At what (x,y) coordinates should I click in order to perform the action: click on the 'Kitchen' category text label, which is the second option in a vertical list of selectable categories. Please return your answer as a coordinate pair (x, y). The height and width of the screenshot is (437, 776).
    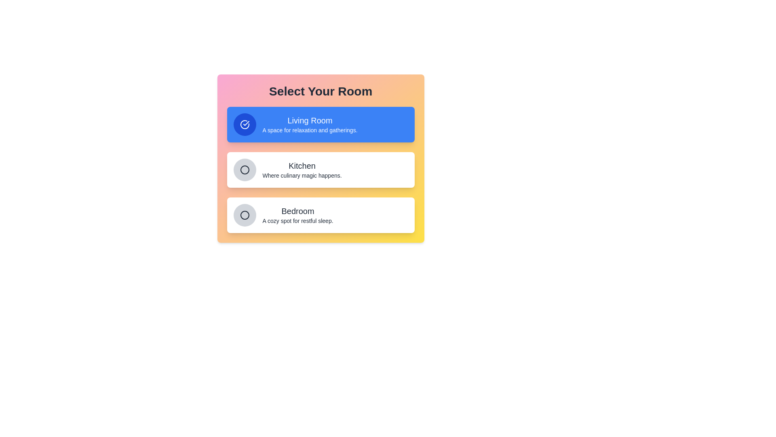
    Looking at the image, I should click on (302, 170).